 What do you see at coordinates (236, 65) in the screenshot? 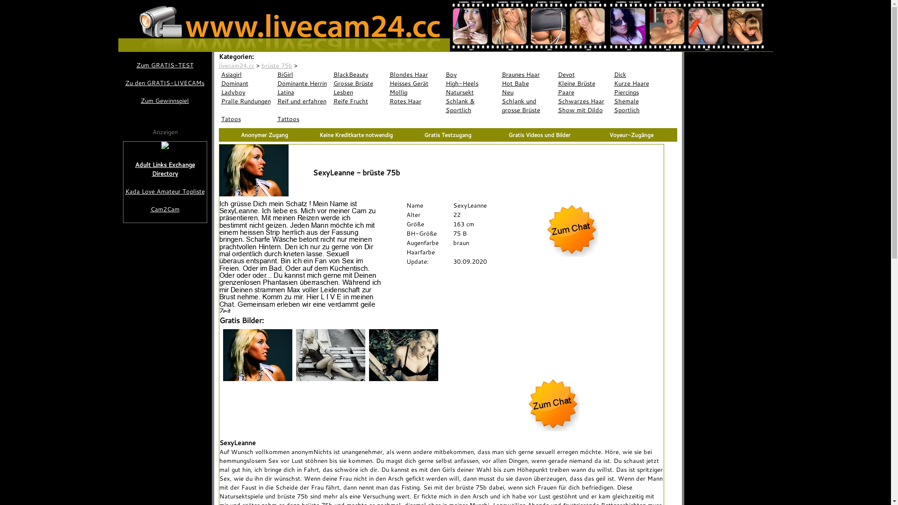
I see `'livecam24.cc'` at bounding box center [236, 65].